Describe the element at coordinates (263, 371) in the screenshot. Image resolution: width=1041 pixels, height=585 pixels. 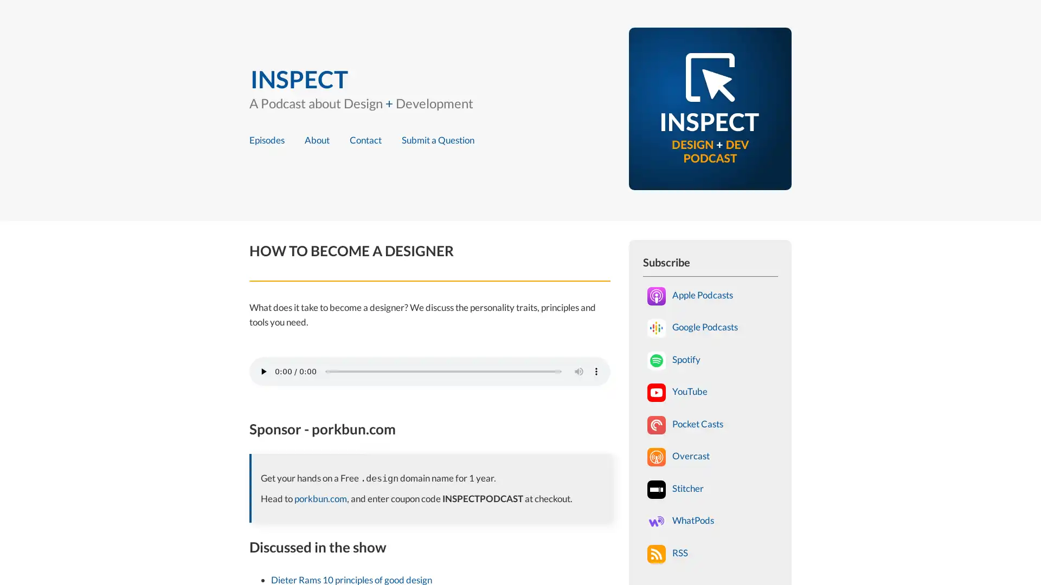
I see `play` at that location.